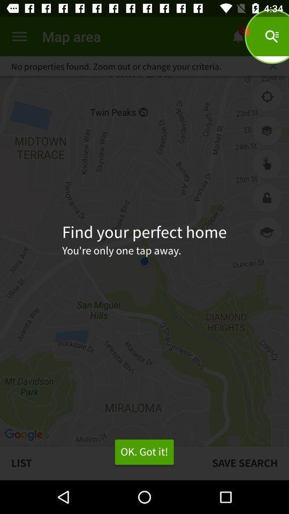 The image size is (289, 514). I want to click on close, so click(273, 65).